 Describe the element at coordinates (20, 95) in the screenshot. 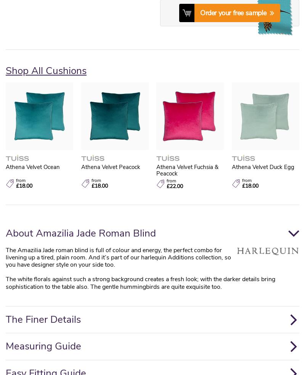

I see `'Press centre'` at that location.